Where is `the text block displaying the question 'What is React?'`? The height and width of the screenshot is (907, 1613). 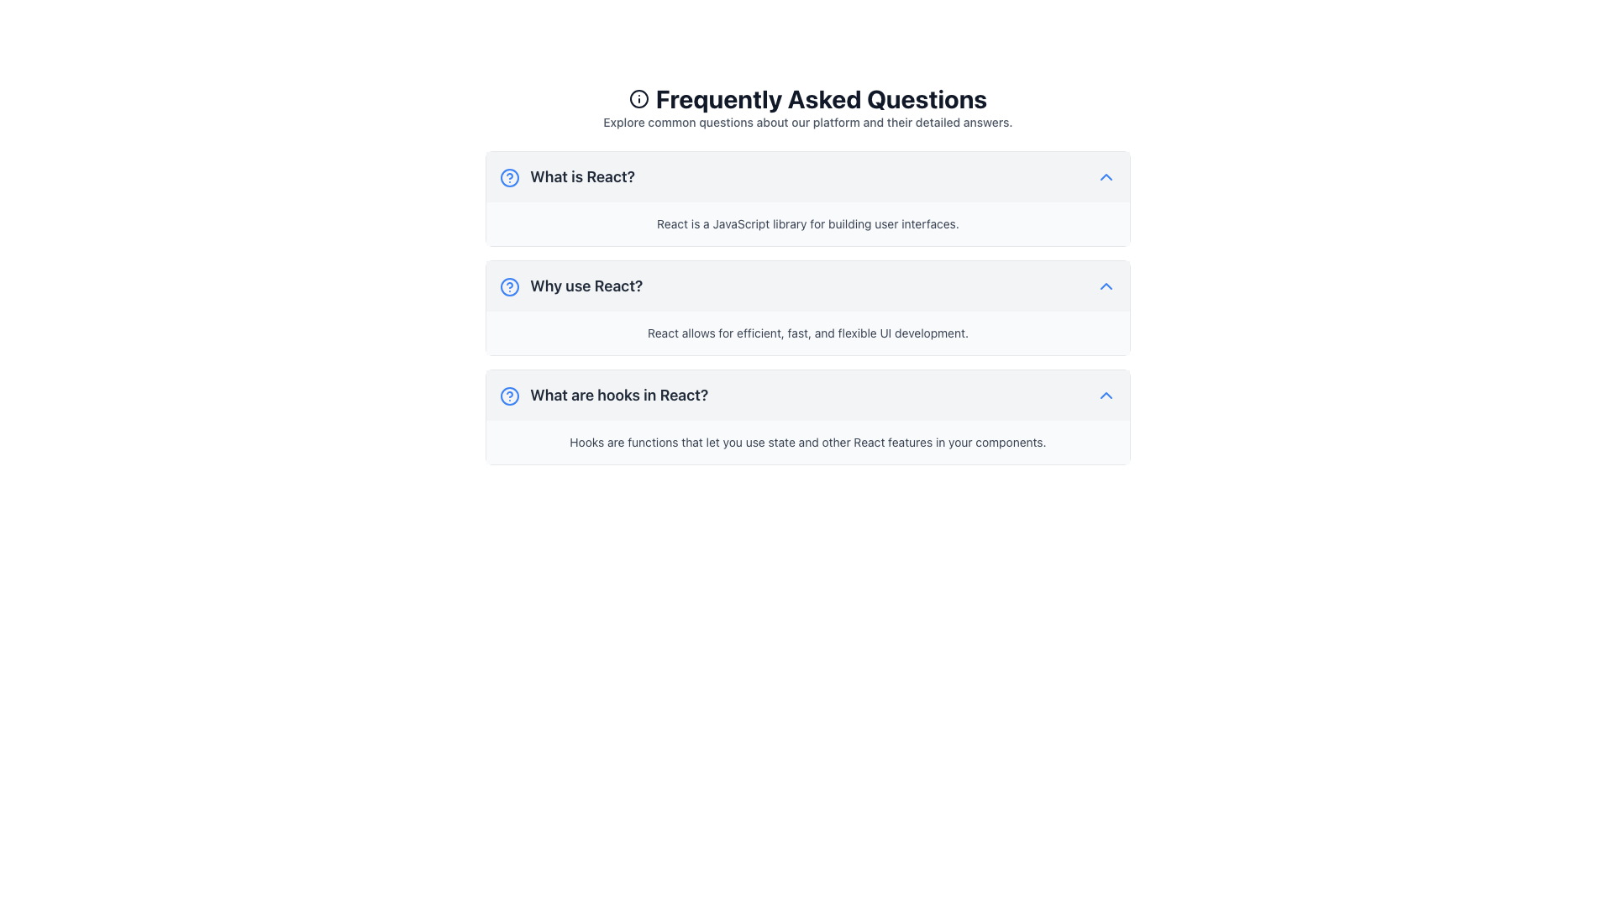
the text block displaying the question 'What is React?' is located at coordinates (567, 177).